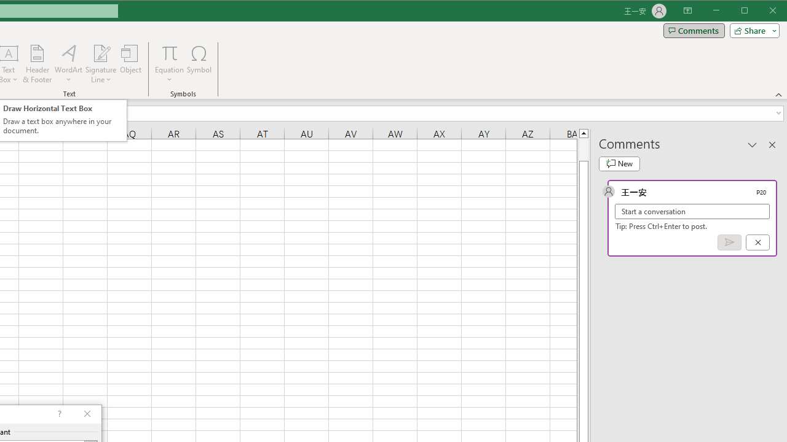 This screenshot has width=787, height=442. Describe the element at coordinates (101, 64) in the screenshot. I see `'Signature Line'` at that location.